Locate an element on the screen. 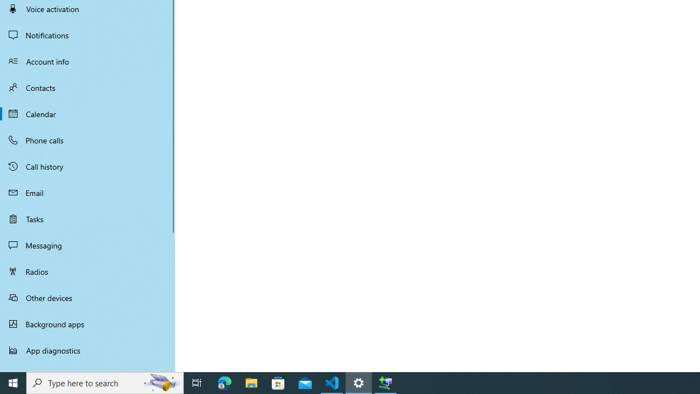 Image resolution: width=700 pixels, height=394 pixels. 'Phone calls' is located at coordinates (87, 139).